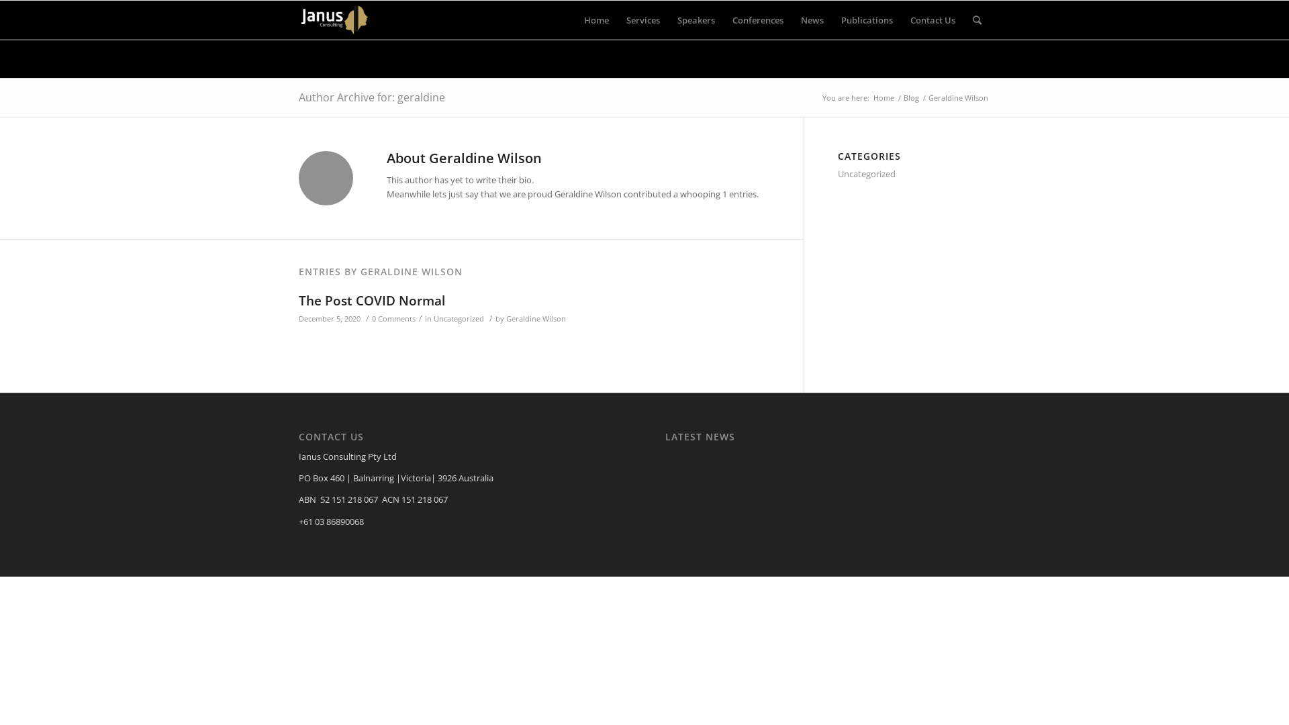 This screenshot has width=1289, height=725. Describe the element at coordinates (911, 97) in the screenshot. I see `'Blog'` at that location.